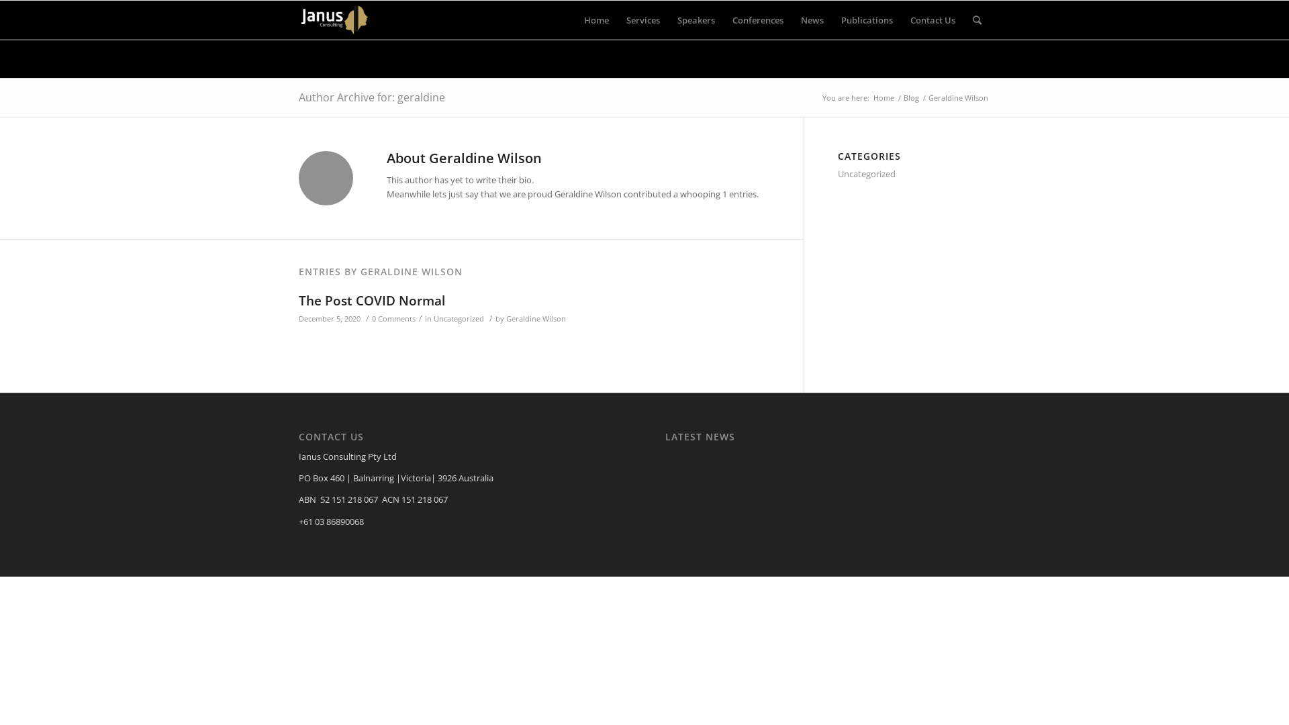 This screenshot has width=1289, height=725. Describe the element at coordinates (911, 97) in the screenshot. I see `'Blog'` at that location.